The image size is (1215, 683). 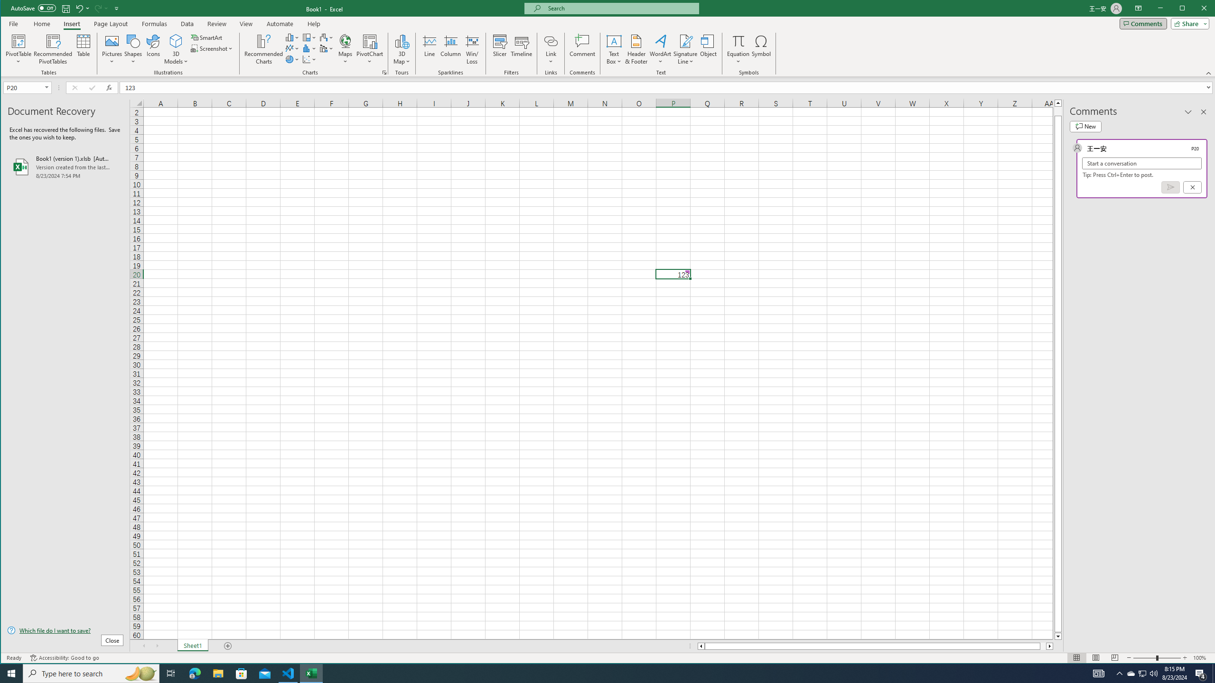 What do you see at coordinates (708, 49) in the screenshot?
I see `'Object...'` at bounding box center [708, 49].